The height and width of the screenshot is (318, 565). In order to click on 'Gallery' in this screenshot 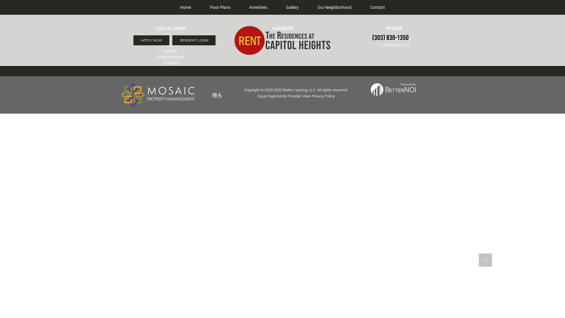, I will do `click(164, 51)`.